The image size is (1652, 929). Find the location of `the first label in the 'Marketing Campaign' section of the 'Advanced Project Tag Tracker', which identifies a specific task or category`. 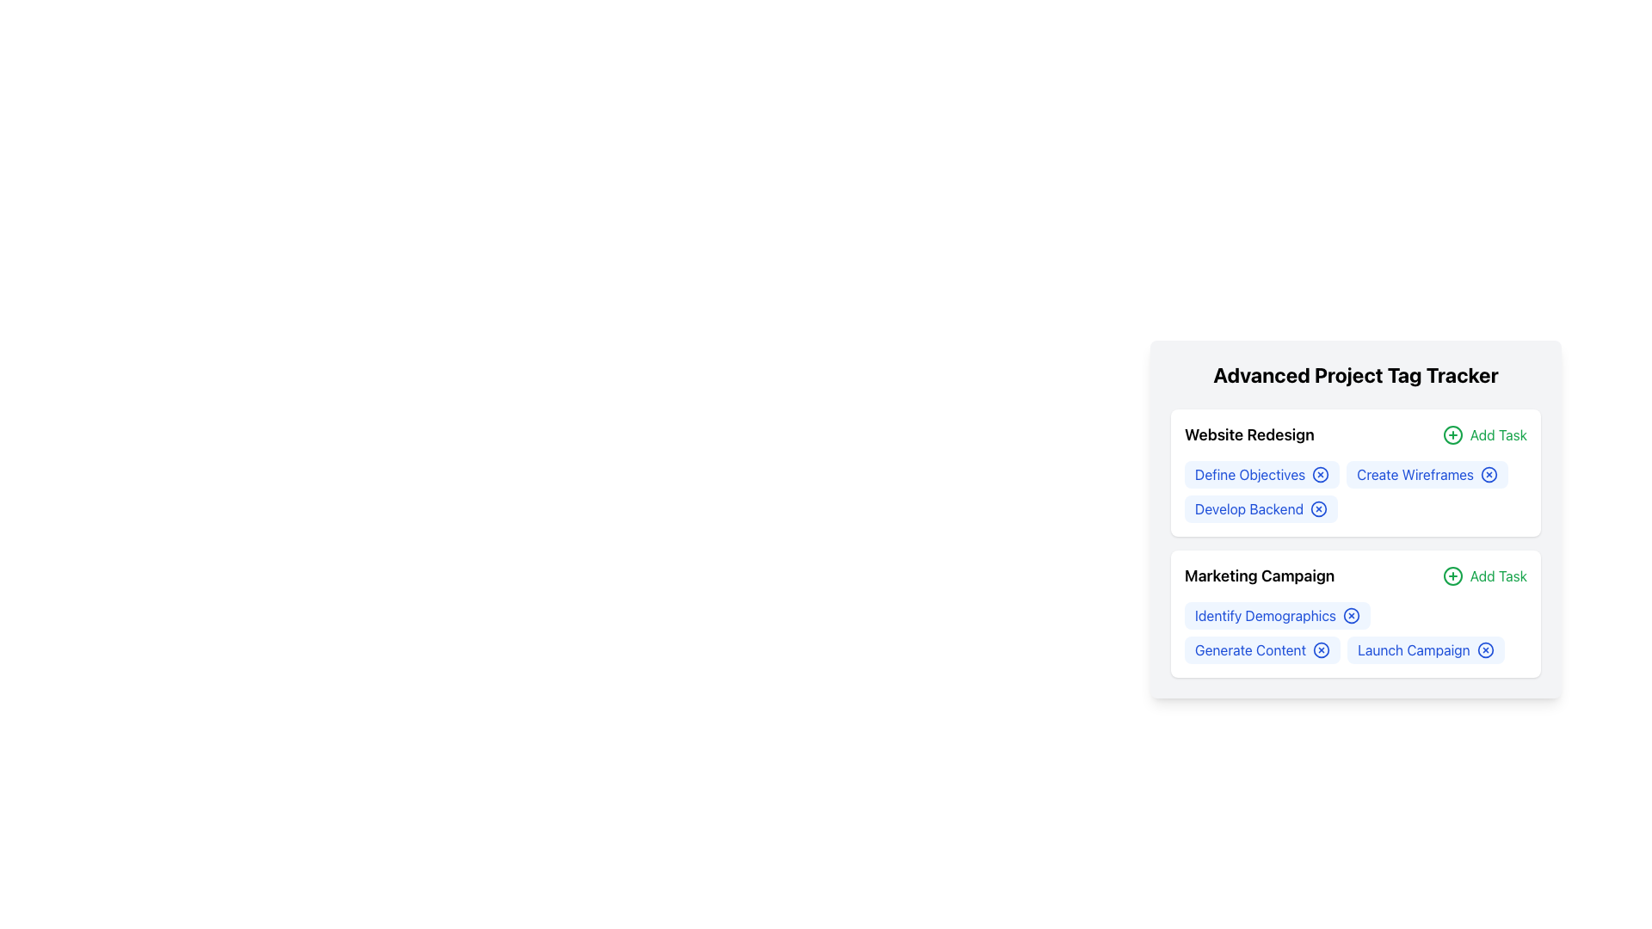

the first label in the 'Marketing Campaign' section of the 'Advanced Project Tag Tracker', which identifies a specific task or category is located at coordinates (1266, 615).